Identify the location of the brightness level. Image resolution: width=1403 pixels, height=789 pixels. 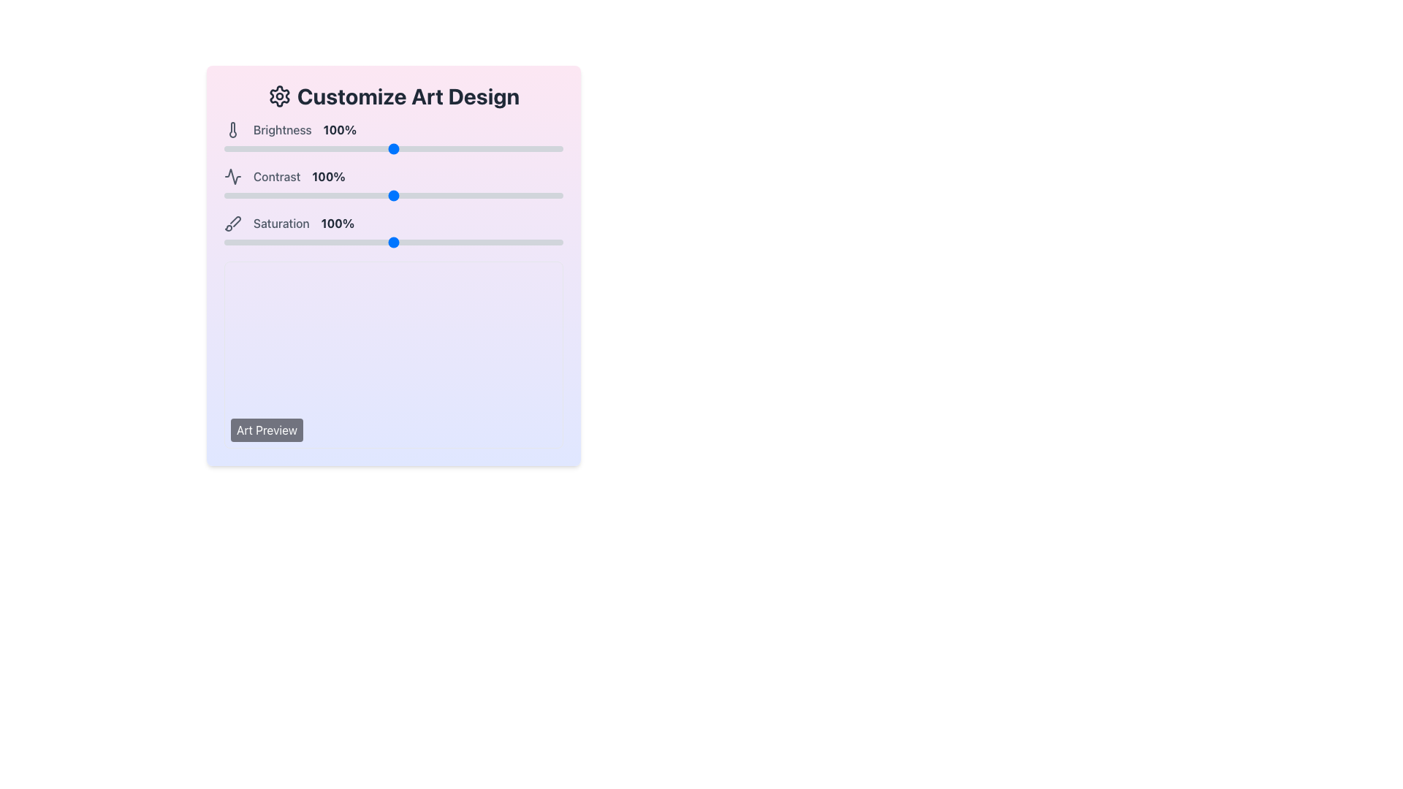
(343, 149).